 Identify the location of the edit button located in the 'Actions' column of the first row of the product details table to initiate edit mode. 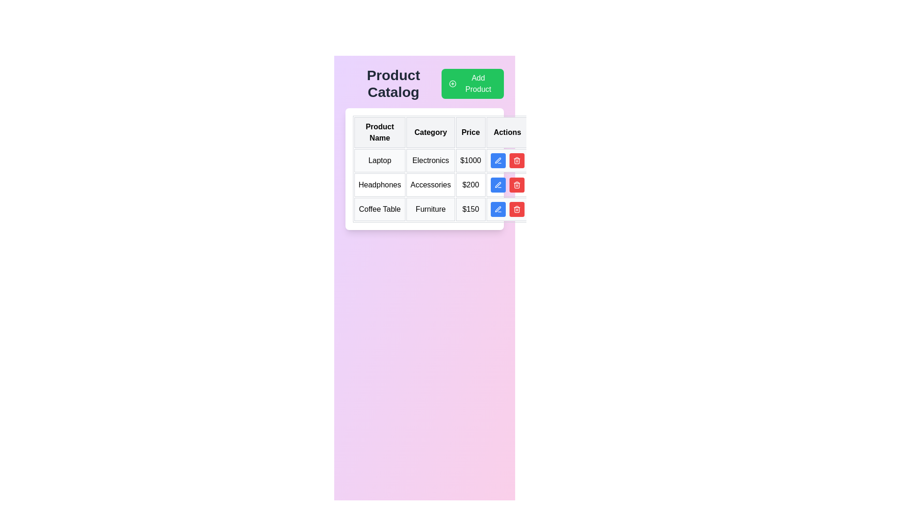
(497, 160).